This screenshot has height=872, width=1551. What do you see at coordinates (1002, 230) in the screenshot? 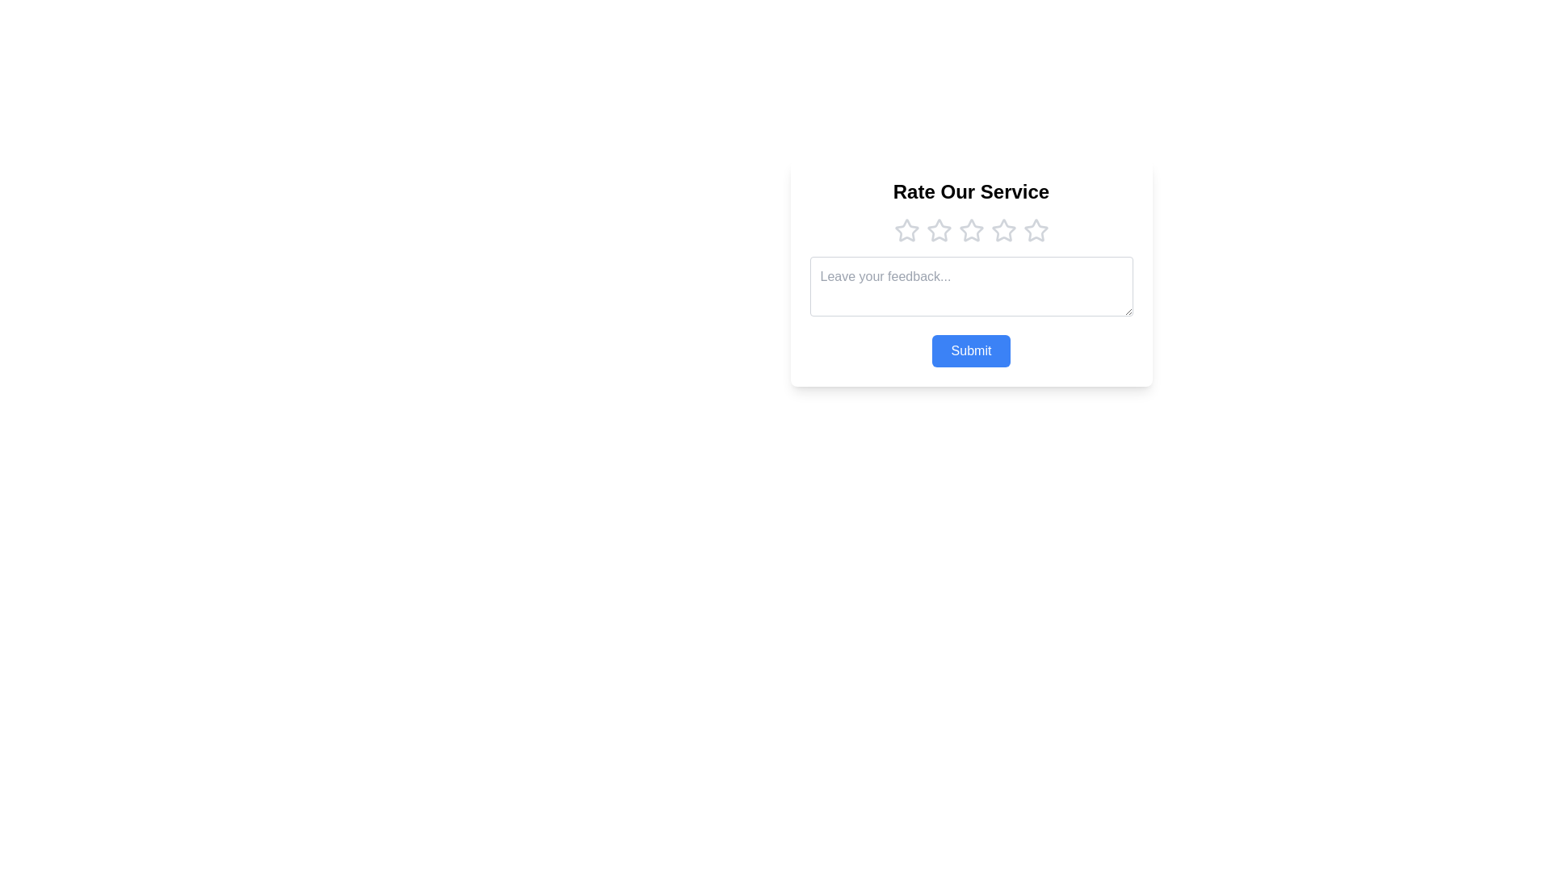
I see `the fifth star in the rating system below the 'Rate Our Service' text` at bounding box center [1002, 230].